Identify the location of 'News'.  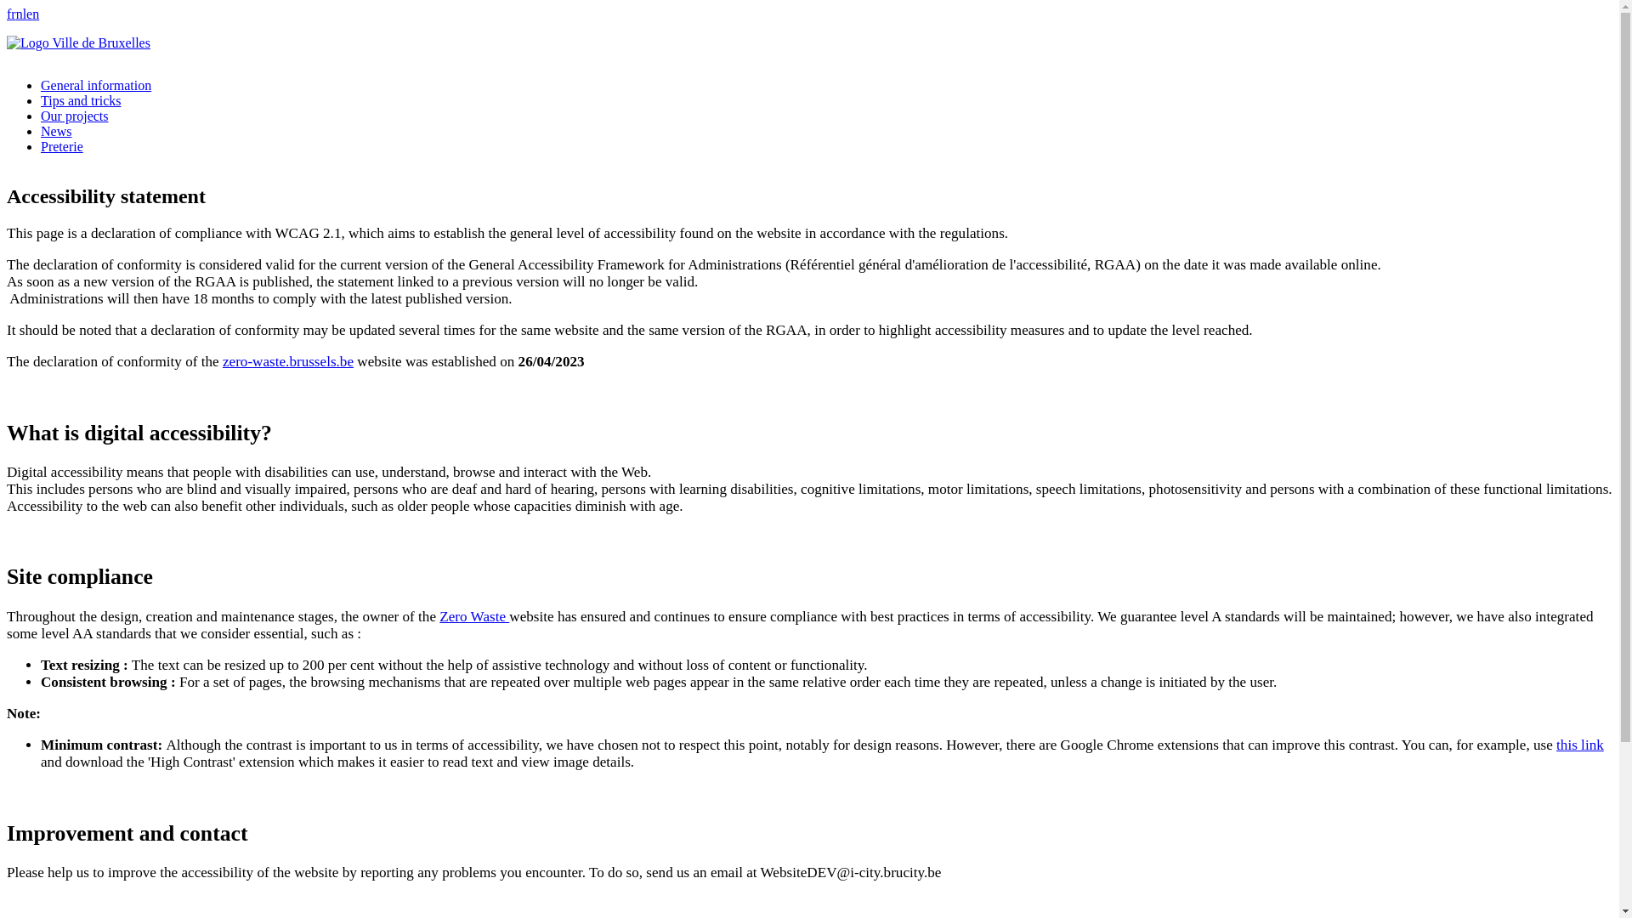
(41, 130).